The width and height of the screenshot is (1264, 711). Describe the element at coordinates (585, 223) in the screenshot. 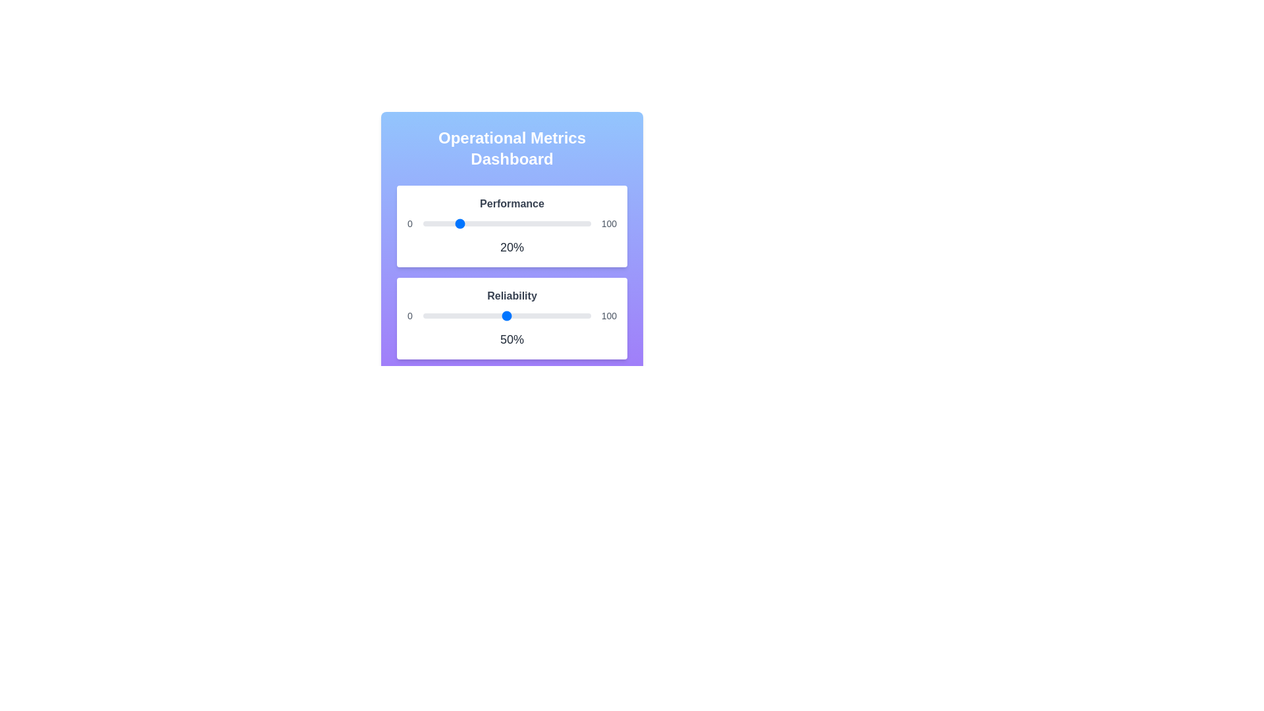

I see `performance` at that location.